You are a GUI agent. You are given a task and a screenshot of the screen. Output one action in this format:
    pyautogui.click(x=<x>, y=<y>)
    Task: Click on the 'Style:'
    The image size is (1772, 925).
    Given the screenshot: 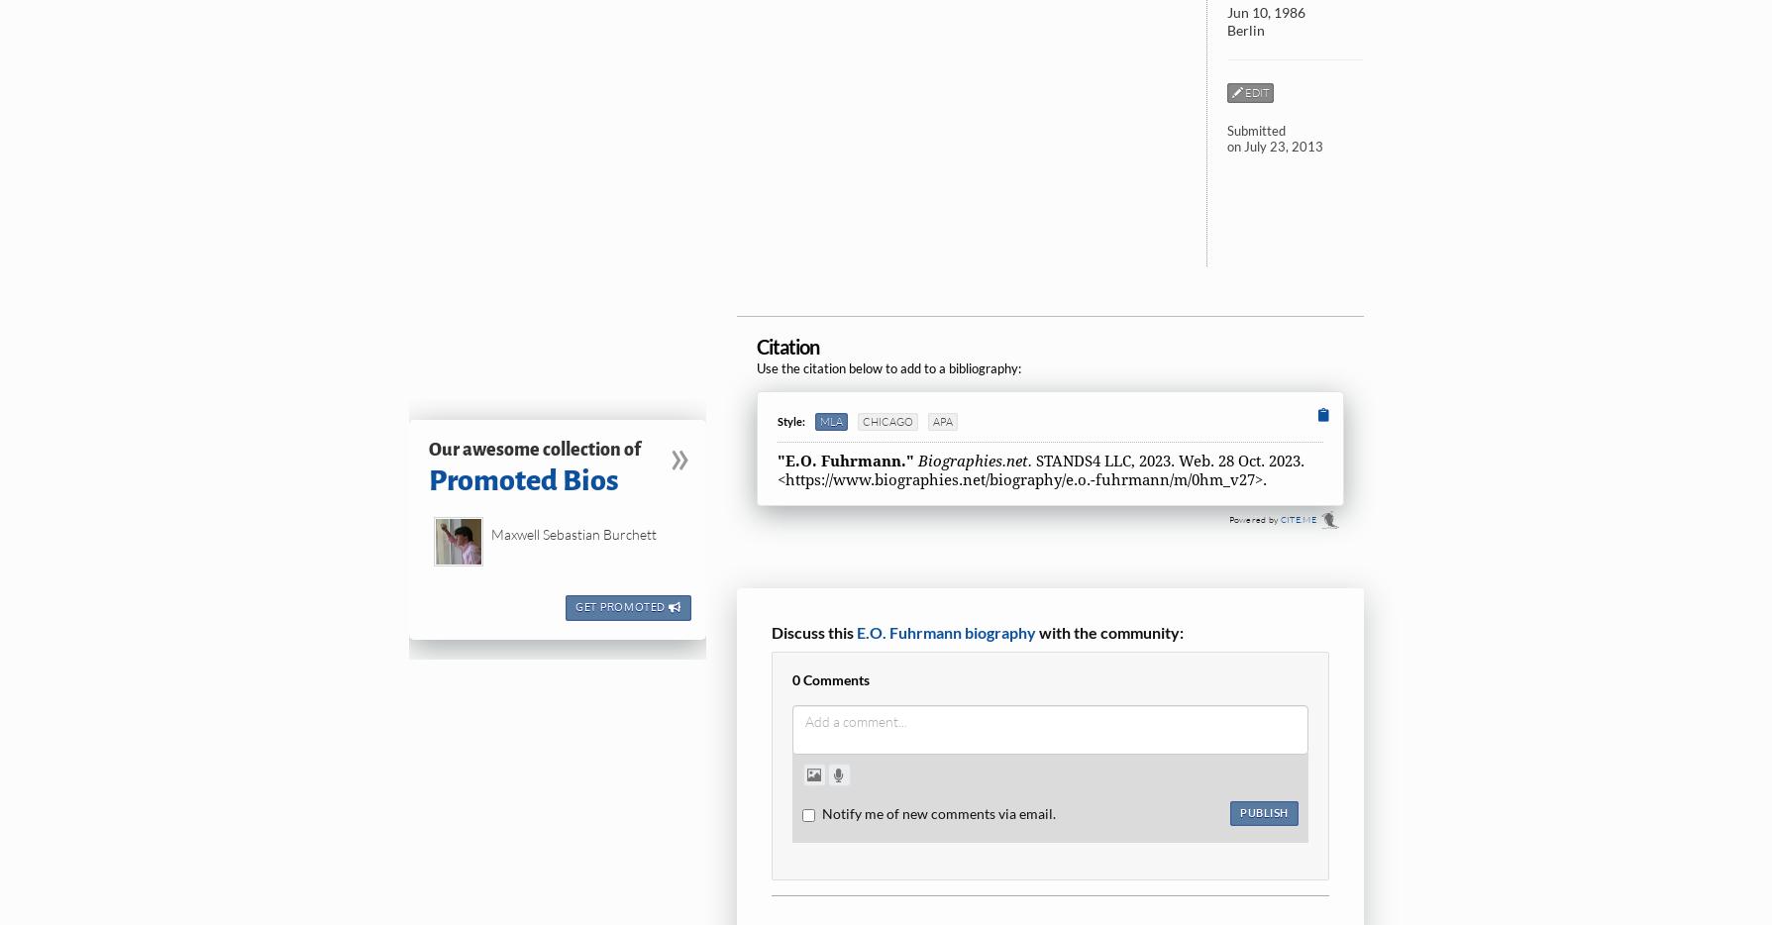 What is the action you would take?
    pyautogui.click(x=790, y=420)
    